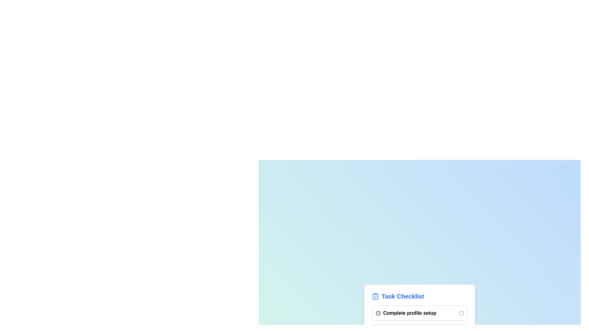  What do you see at coordinates (406, 313) in the screenshot?
I see `text of the label that prompts users to complete their profile setup, which is located near the center-right of the highlighted task box in a checklist interface, left of a checkbox and preceded by an alert icon` at bounding box center [406, 313].